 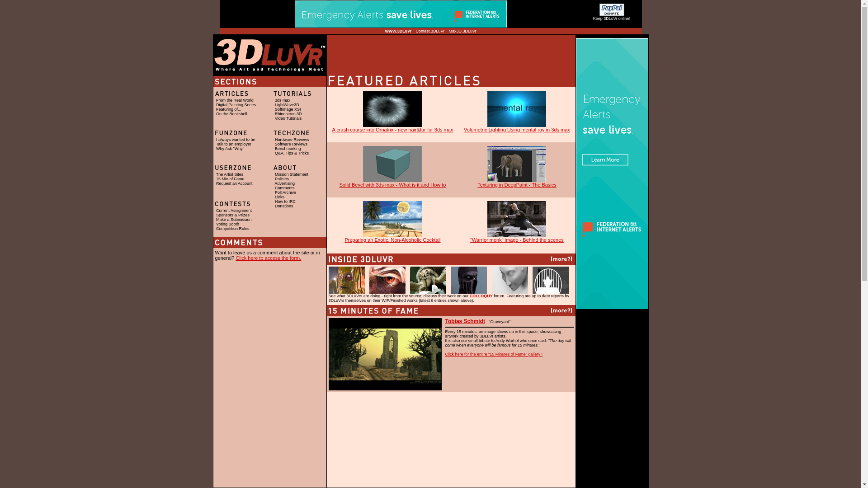 I want to click on 'Advertising', so click(x=284, y=183).